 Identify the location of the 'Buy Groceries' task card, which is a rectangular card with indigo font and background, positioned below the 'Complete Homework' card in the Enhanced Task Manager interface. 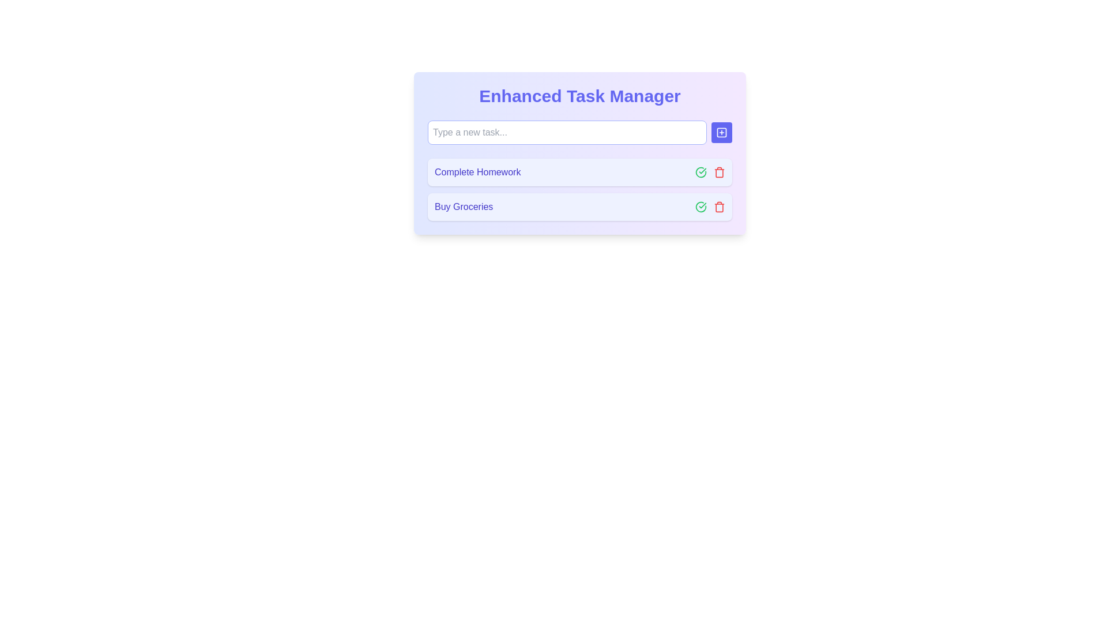
(580, 206).